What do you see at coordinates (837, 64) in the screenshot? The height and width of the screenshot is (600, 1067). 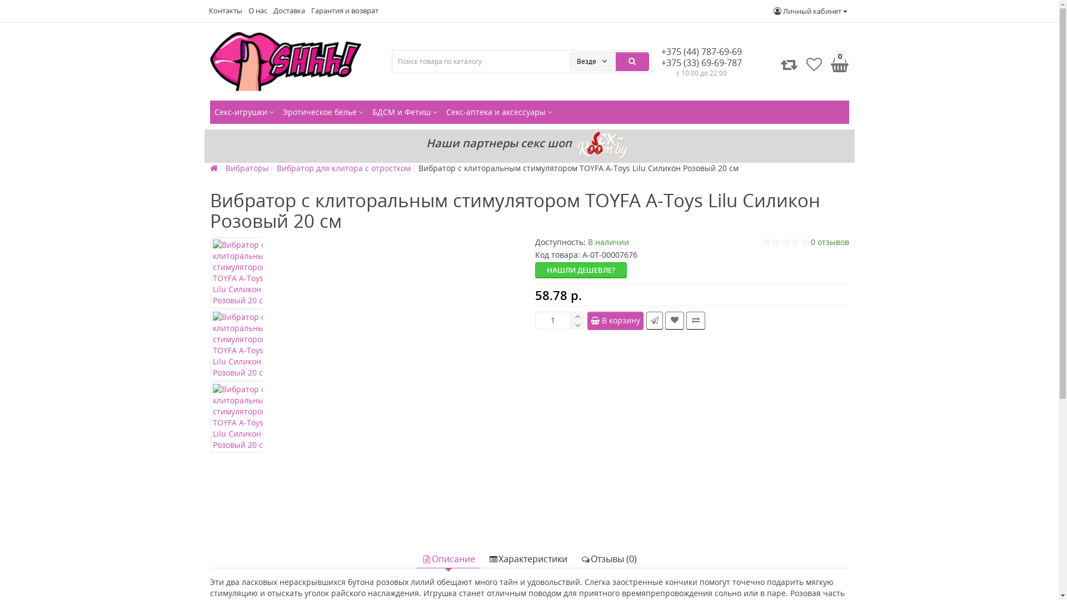 I see `'0'` at bounding box center [837, 64].